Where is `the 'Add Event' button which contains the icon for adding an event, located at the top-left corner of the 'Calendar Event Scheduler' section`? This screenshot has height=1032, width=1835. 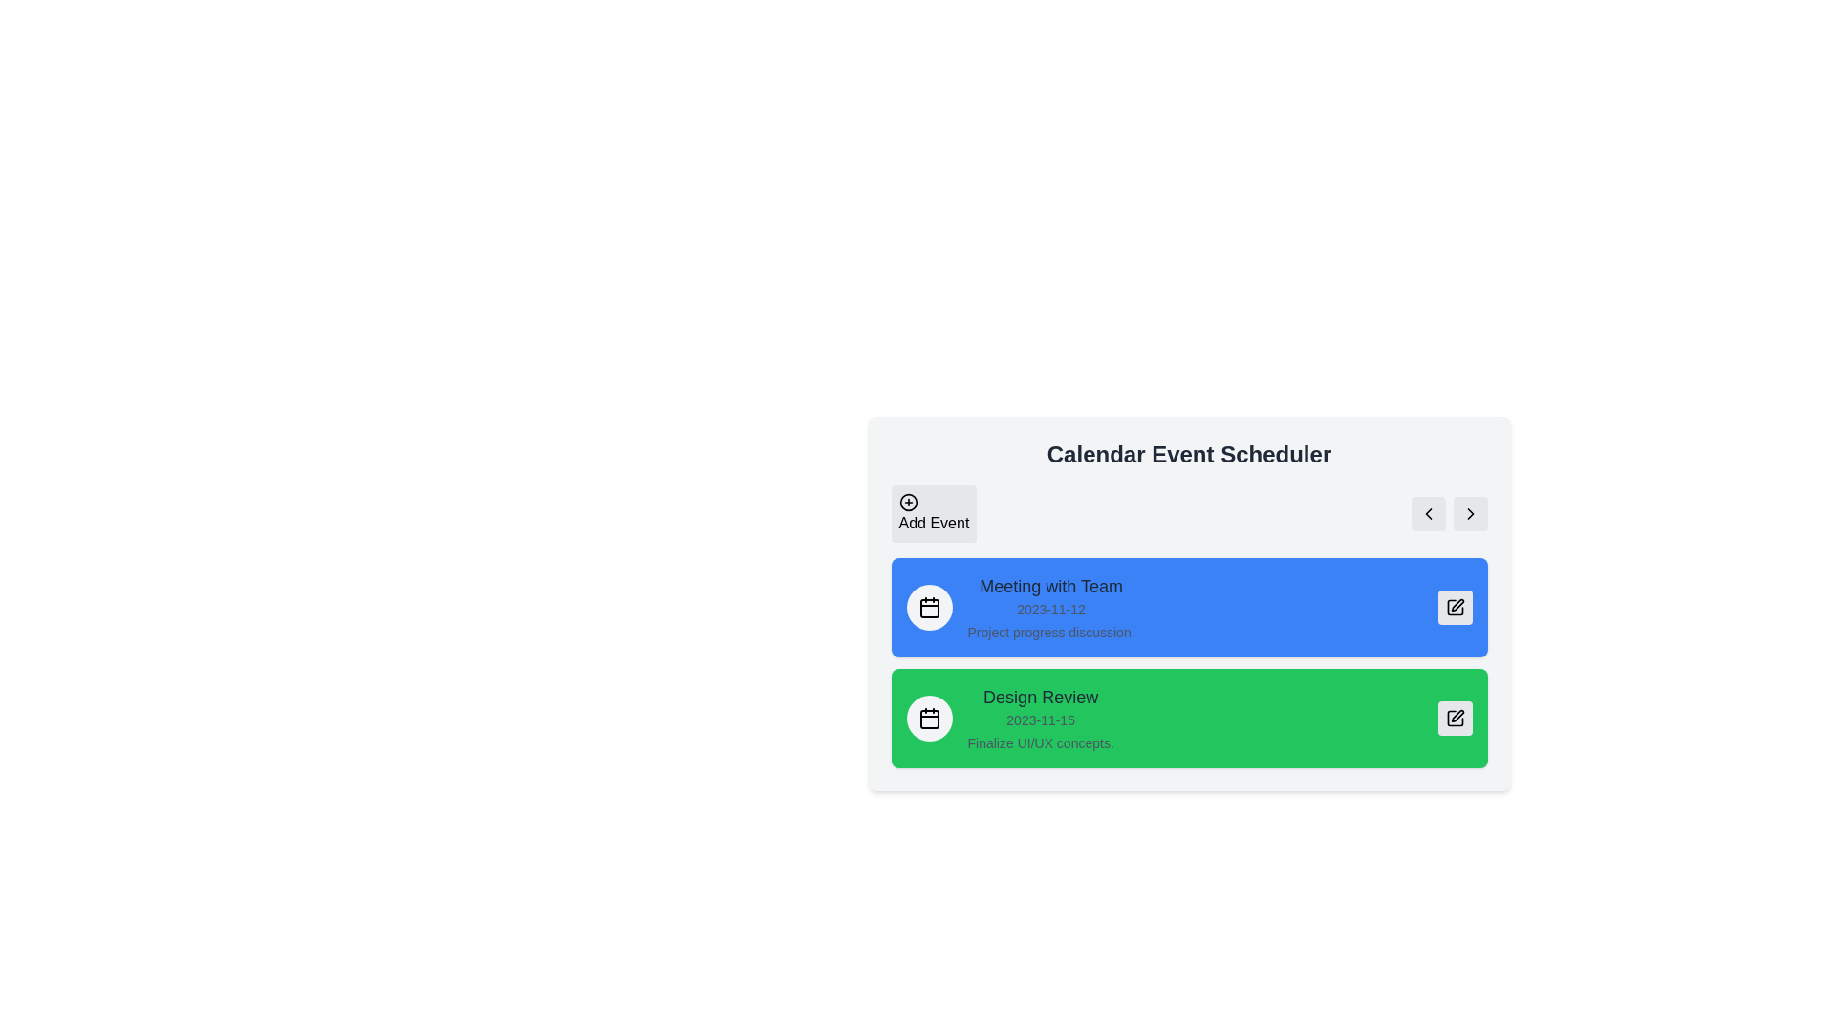
the 'Add Event' button which contains the icon for adding an event, located at the top-left corner of the 'Calendar Event Scheduler' section is located at coordinates (907, 501).